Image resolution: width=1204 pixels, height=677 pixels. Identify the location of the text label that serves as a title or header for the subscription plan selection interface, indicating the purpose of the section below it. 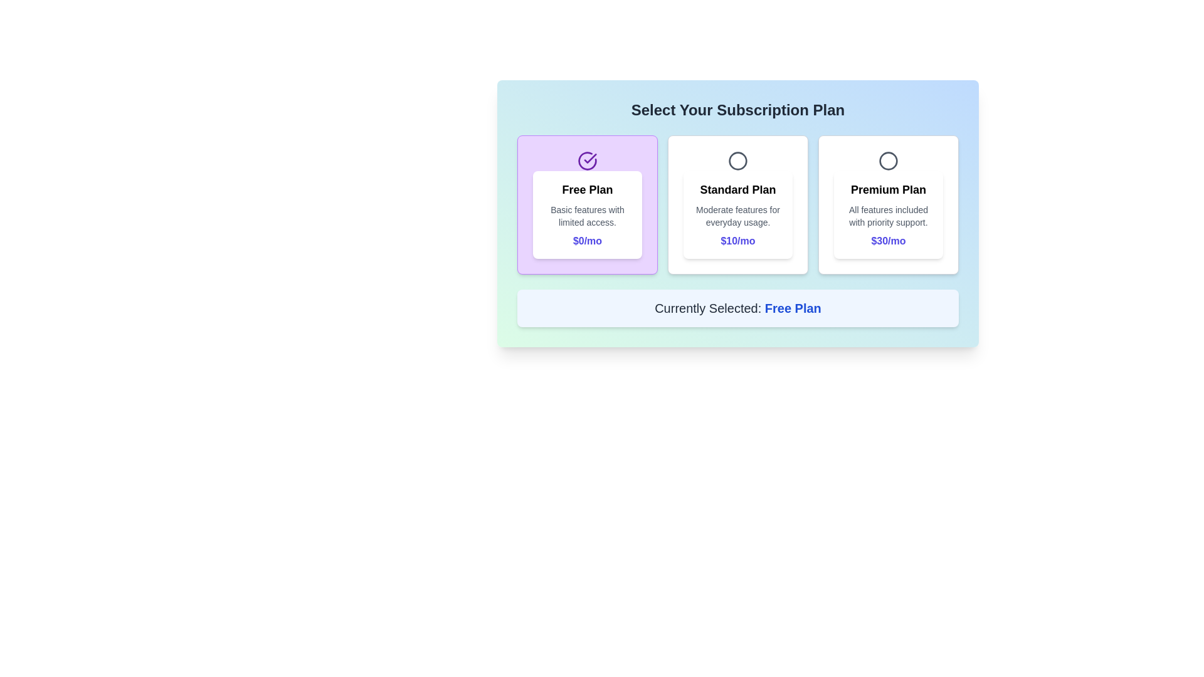
(737, 110).